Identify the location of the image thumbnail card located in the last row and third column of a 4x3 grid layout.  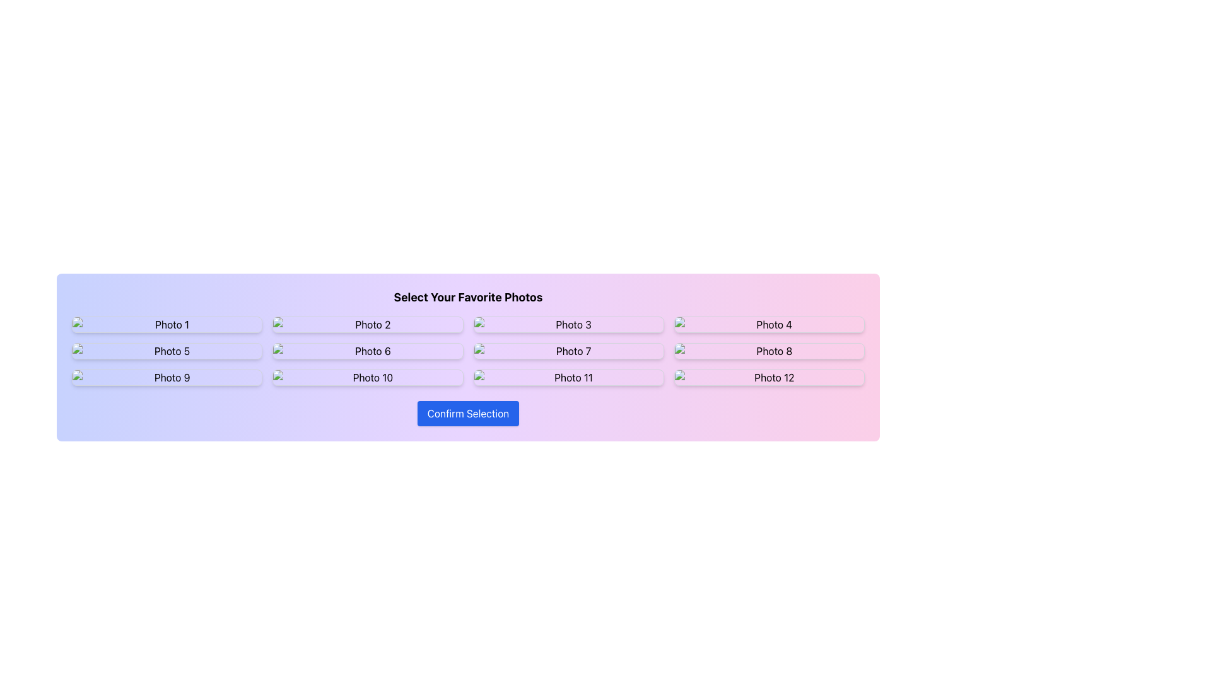
(568, 376).